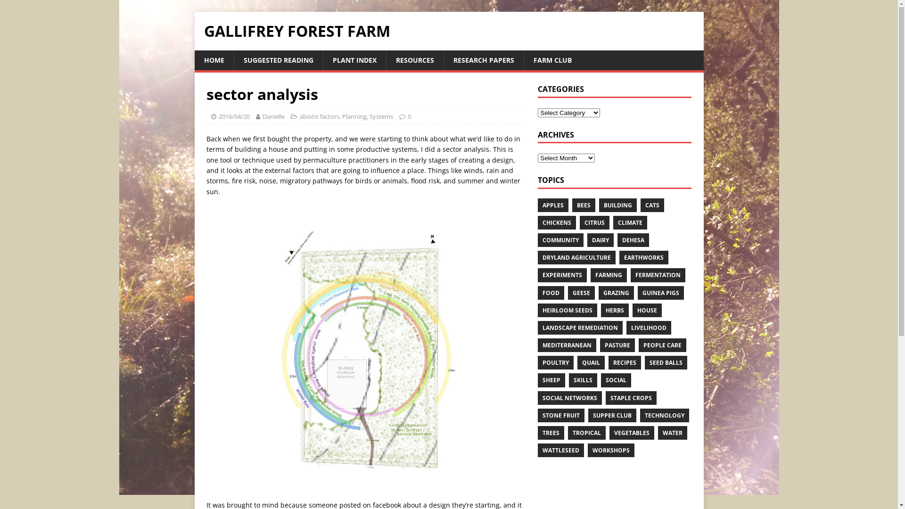 The width and height of the screenshot is (905, 509). What do you see at coordinates (448, 30) in the screenshot?
I see `'GALLIFREY FOREST FARM'` at bounding box center [448, 30].